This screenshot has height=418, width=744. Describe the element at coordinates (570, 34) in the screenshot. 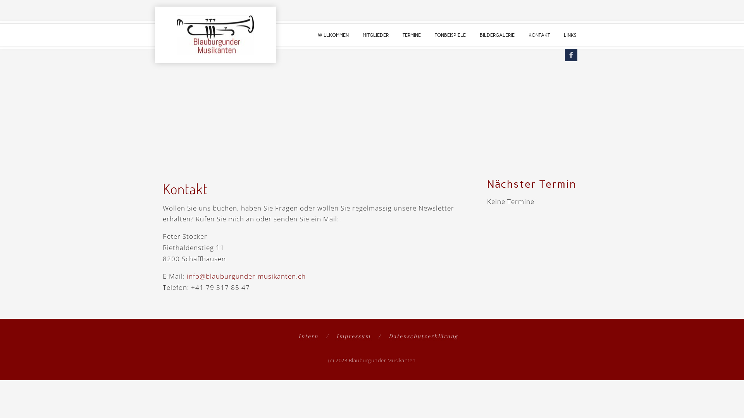

I see `'LINKS'` at that location.